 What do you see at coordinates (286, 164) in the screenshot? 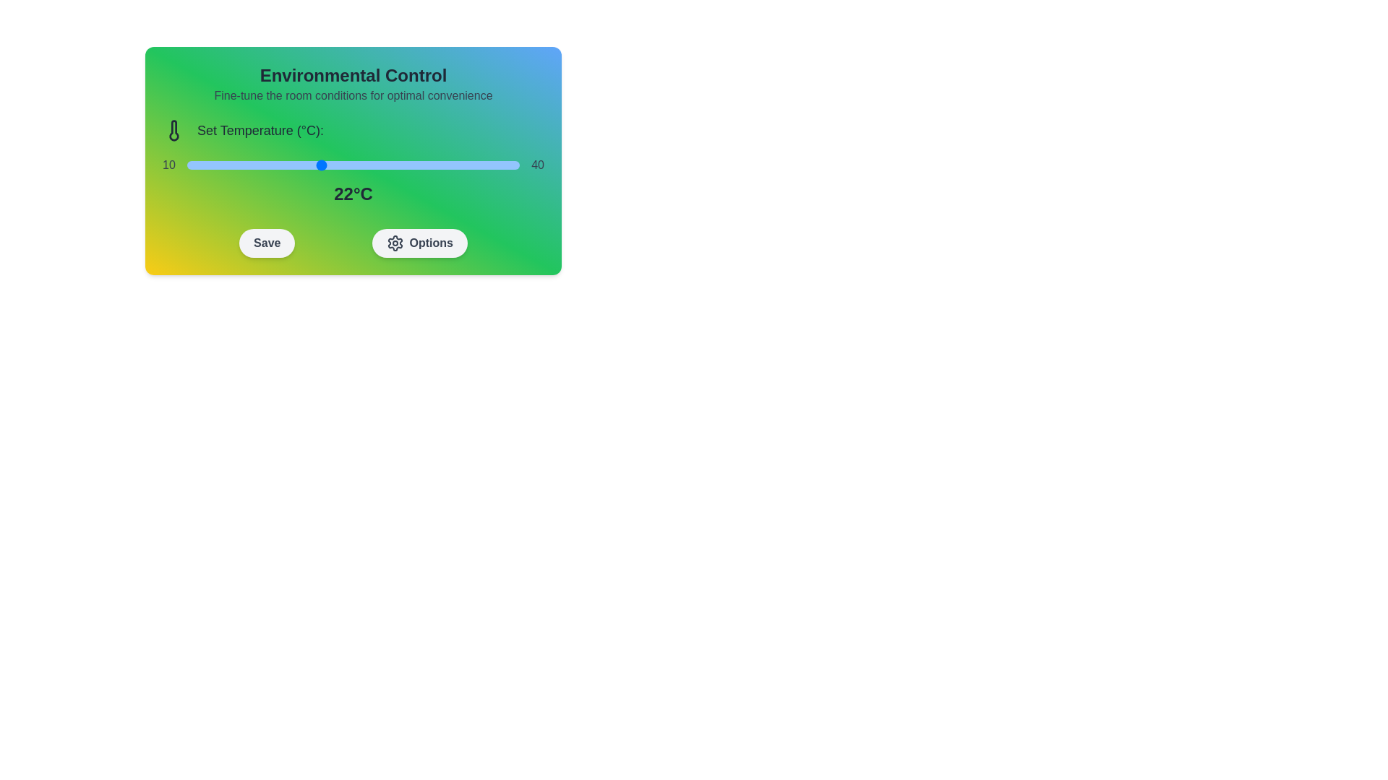
I see `the temperature` at bounding box center [286, 164].